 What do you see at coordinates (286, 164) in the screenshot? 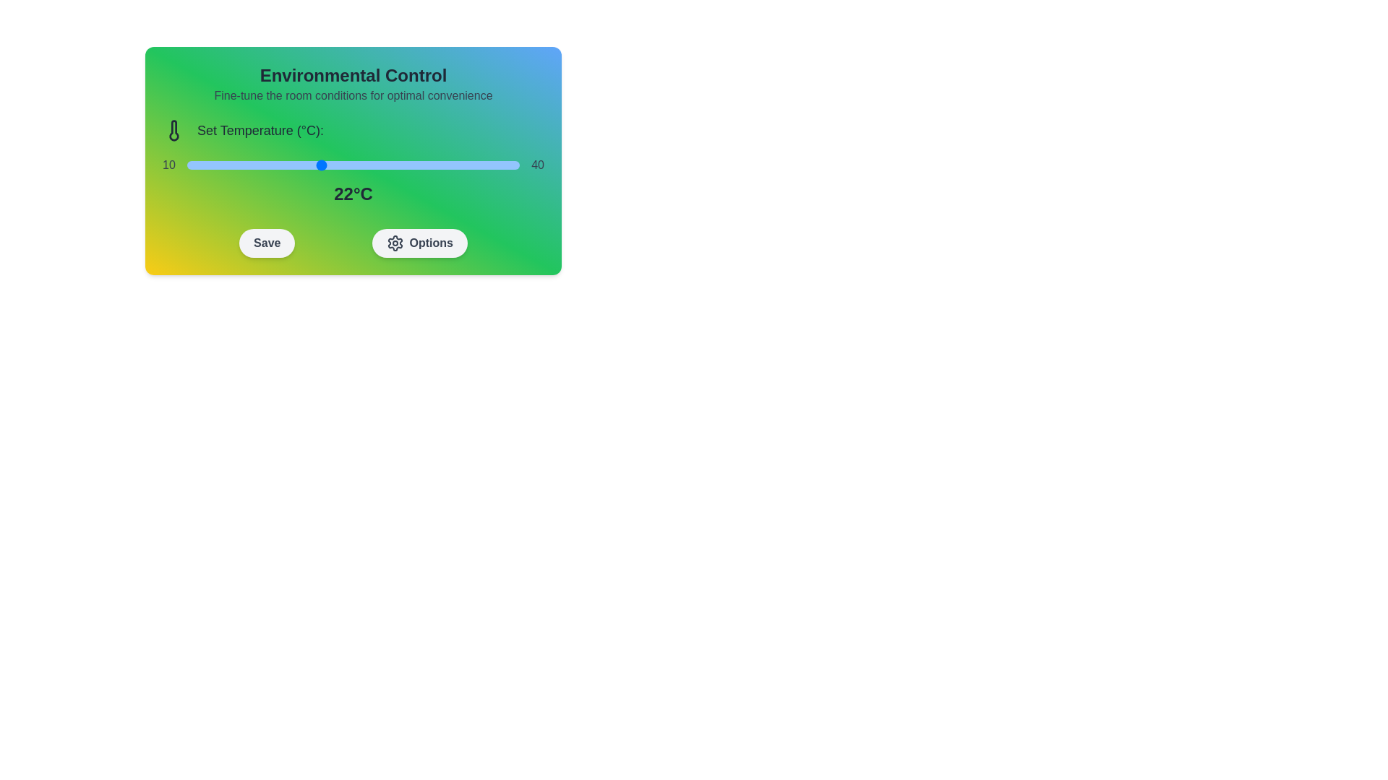
I see `the temperature` at bounding box center [286, 164].